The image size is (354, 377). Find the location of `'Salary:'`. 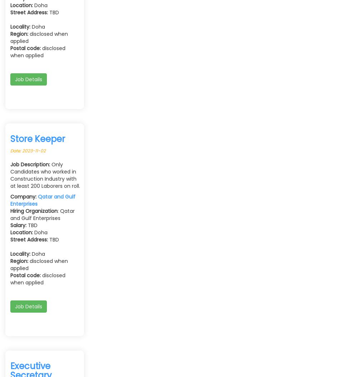

'Salary:' is located at coordinates (18, 225).